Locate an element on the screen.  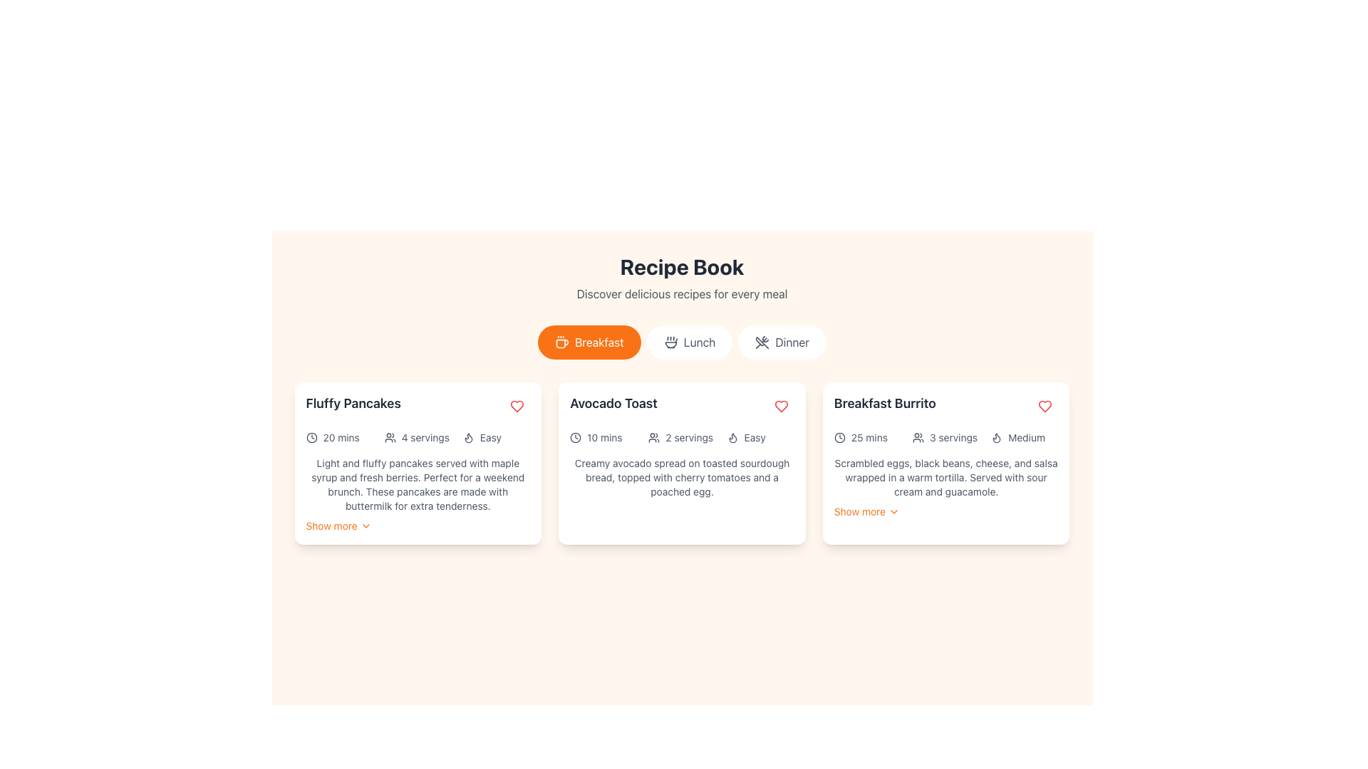
the text in the 'Breakfast Burrito' recipe description label located below the title and above the 'Show more' link in the rightmost column of the layout is located at coordinates (946, 478).